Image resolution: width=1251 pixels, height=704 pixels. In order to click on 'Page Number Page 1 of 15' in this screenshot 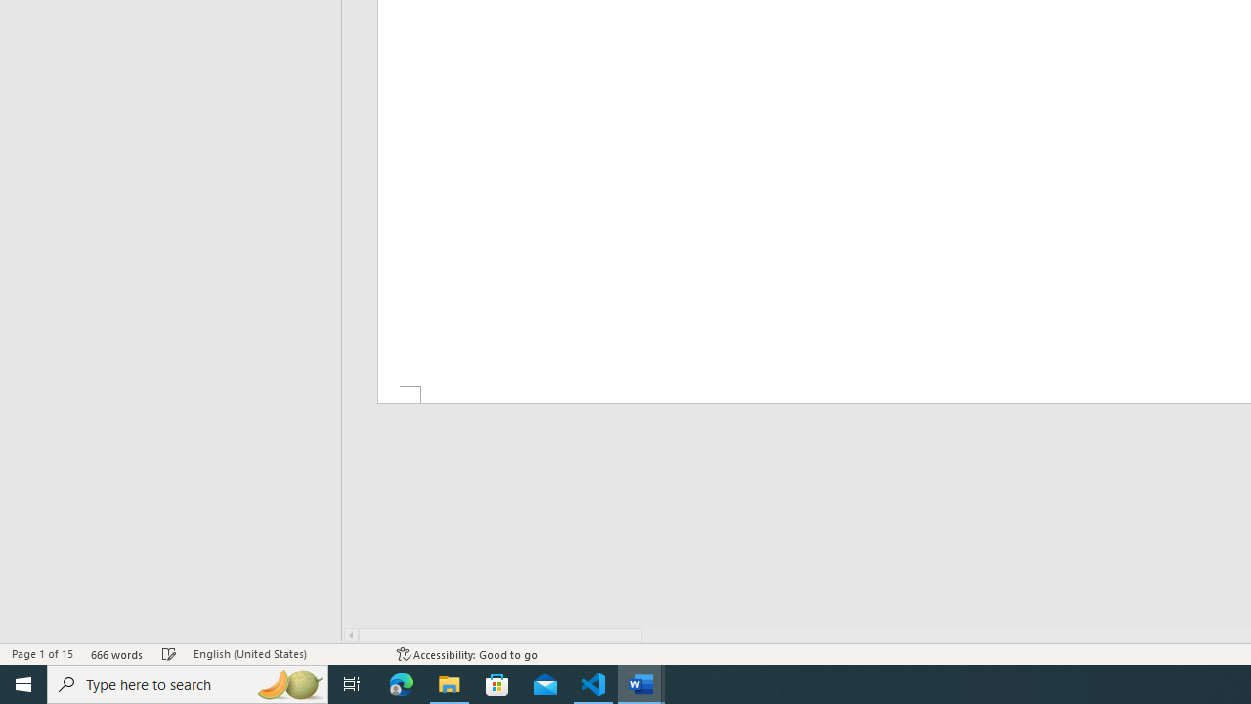, I will do `click(42, 654)`.